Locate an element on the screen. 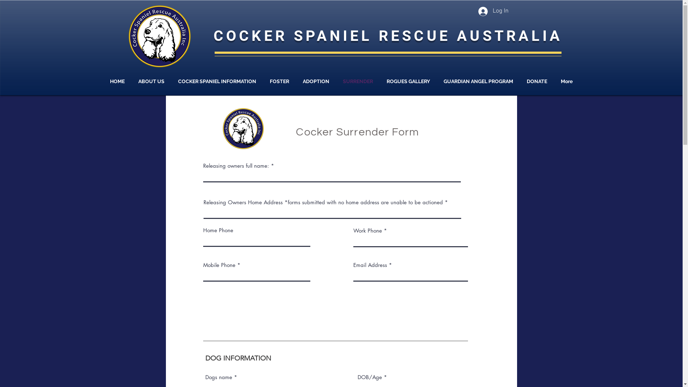 Image resolution: width=688 pixels, height=387 pixels. 'HOME' is located at coordinates (117, 81).